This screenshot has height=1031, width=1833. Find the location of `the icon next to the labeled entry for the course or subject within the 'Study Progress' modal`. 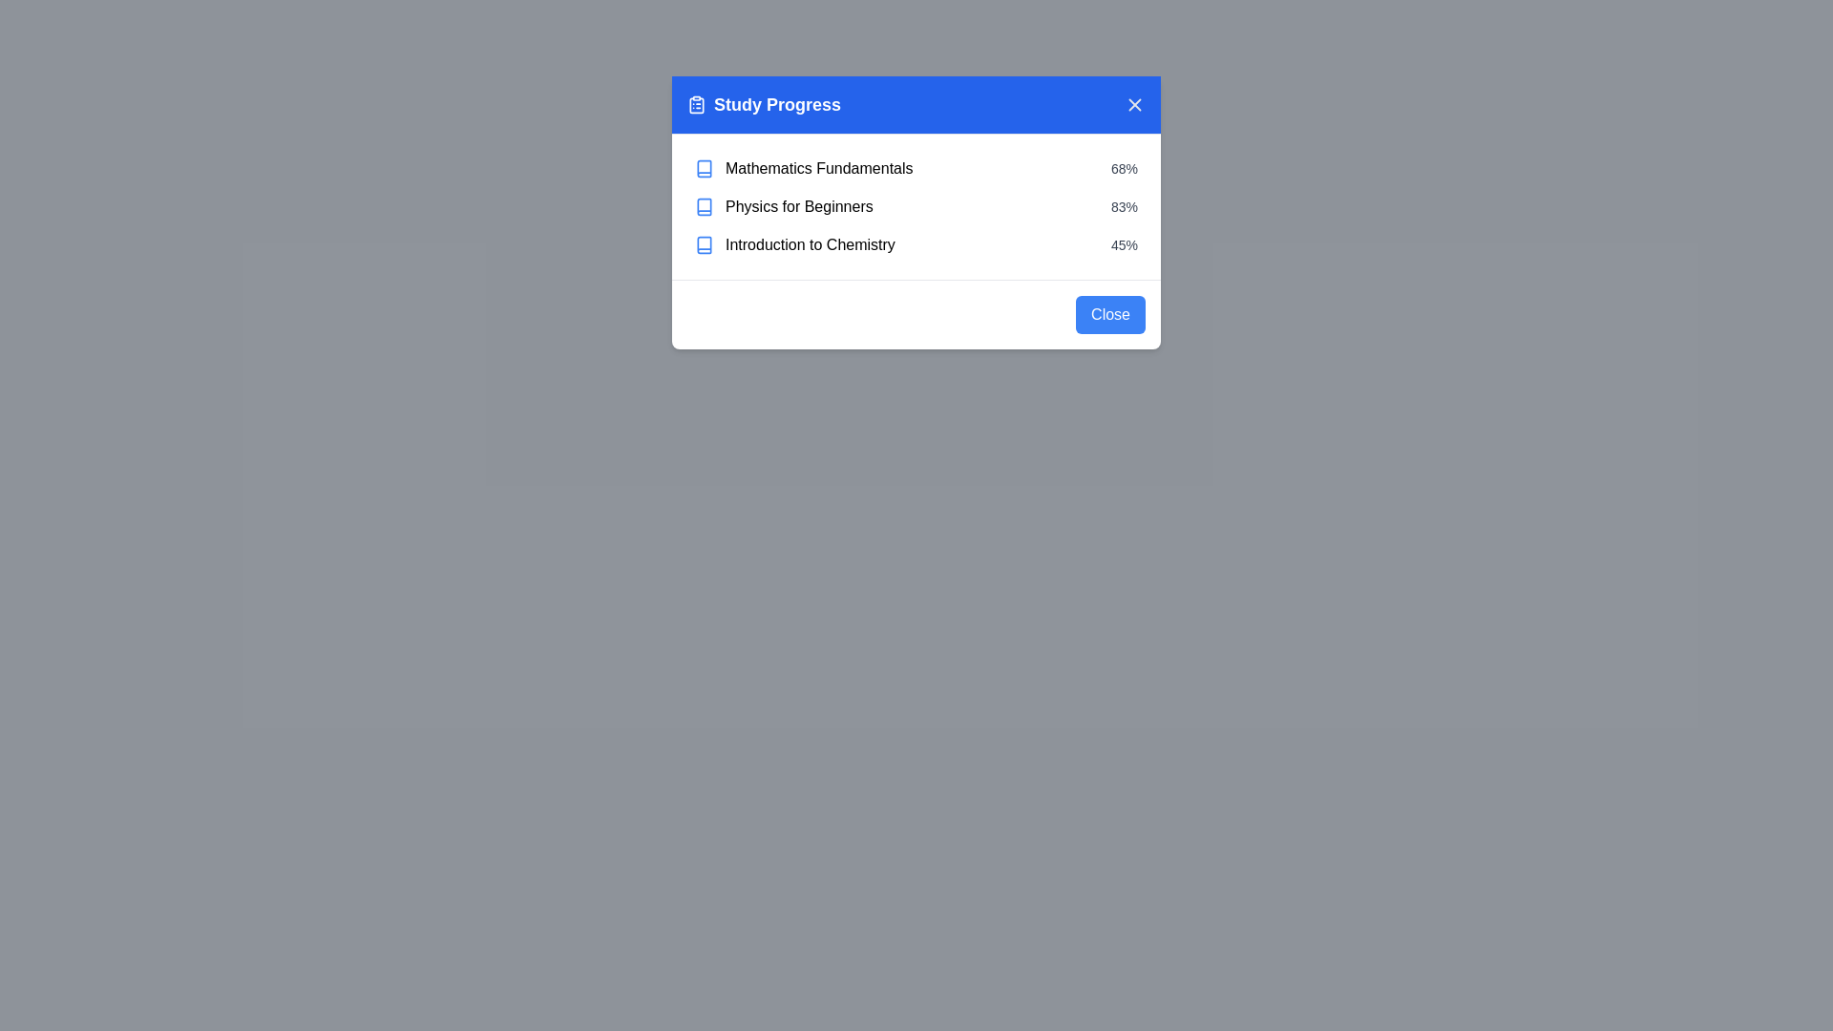

the icon next to the labeled entry for the course or subject within the 'Study Progress' modal is located at coordinates (784, 206).